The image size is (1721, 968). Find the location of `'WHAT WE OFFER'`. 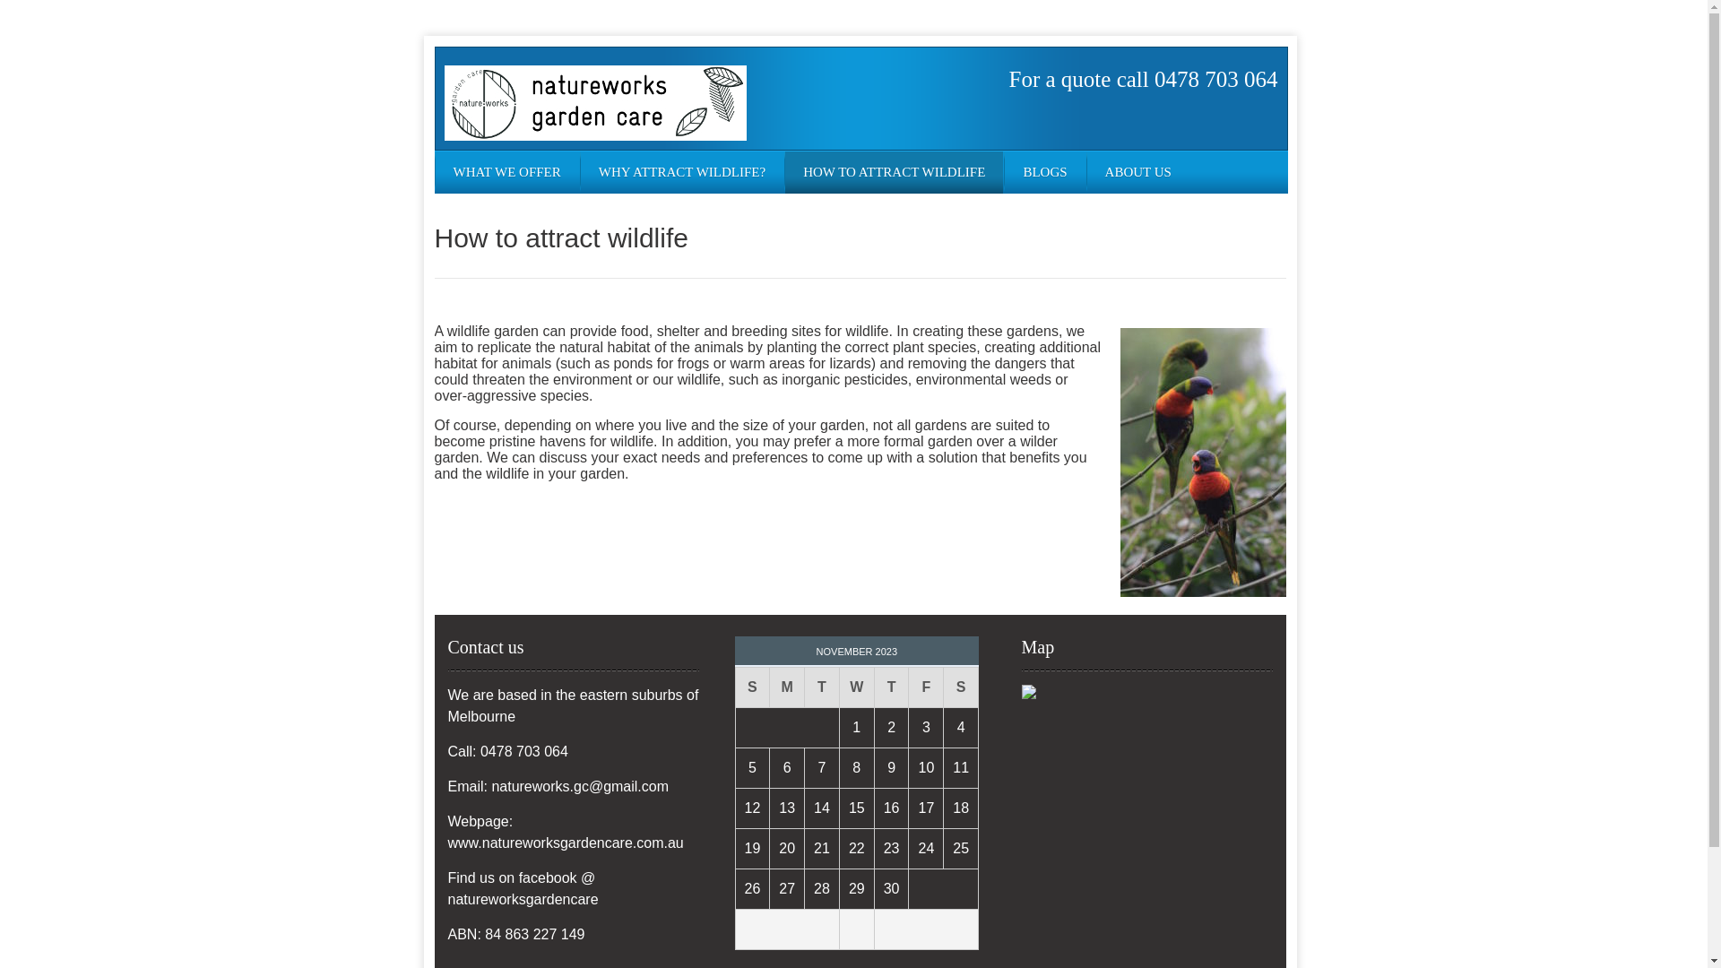

'WHAT WE OFFER' is located at coordinates (506, 172).